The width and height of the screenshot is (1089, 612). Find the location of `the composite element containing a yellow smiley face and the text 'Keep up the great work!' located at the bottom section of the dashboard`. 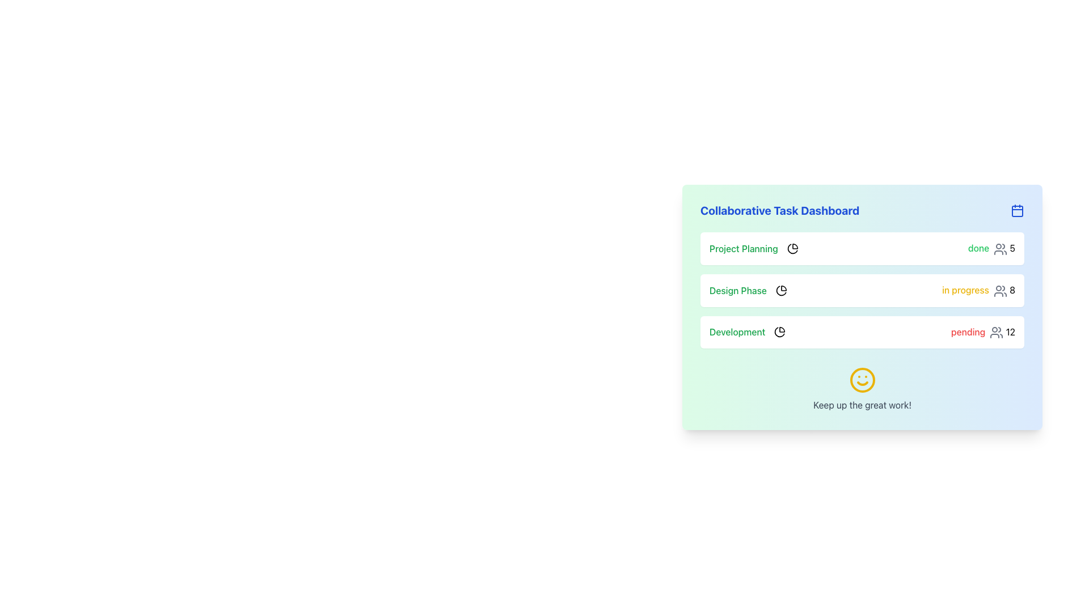

the composite element containing a yellow smiley face and the text 'Keep up the great work!' located at the bottom section of the dashboard is located at coordinates (862, 389).